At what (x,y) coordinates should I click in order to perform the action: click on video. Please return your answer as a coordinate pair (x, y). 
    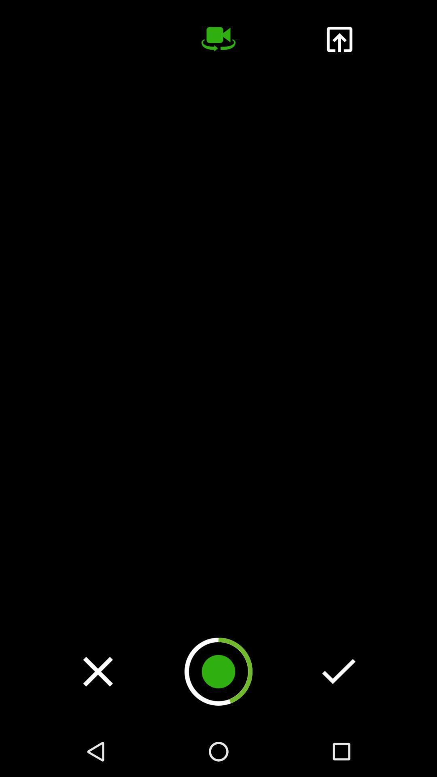
    Looking at the image, I should click on (98, 671).